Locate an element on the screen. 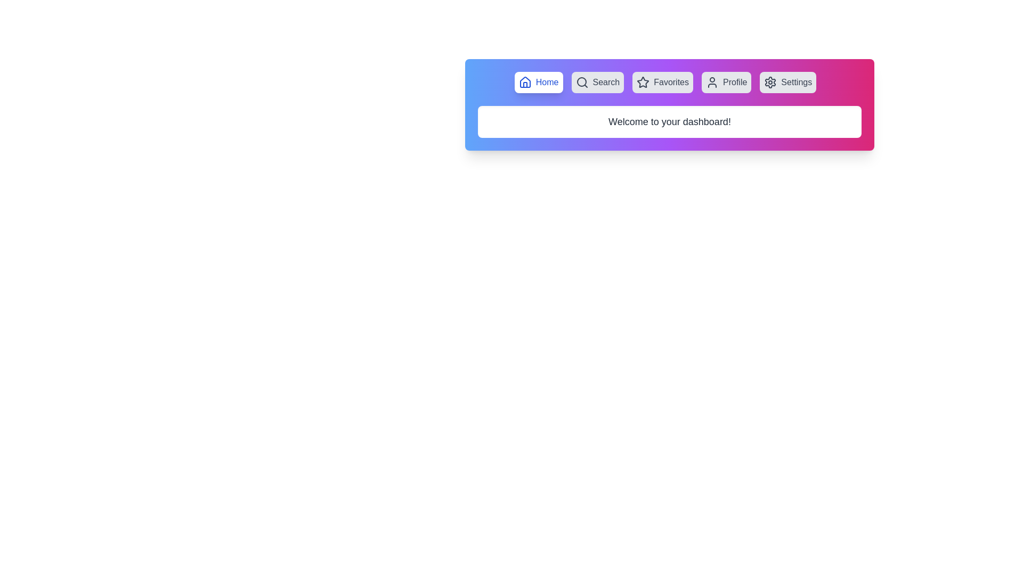 The width and height of the screenshot is (1023, 575). the Favorites navigation button, which is the third item in the horizontal navigation bar, to observe visual feedback is located at coordinates (662, 81).